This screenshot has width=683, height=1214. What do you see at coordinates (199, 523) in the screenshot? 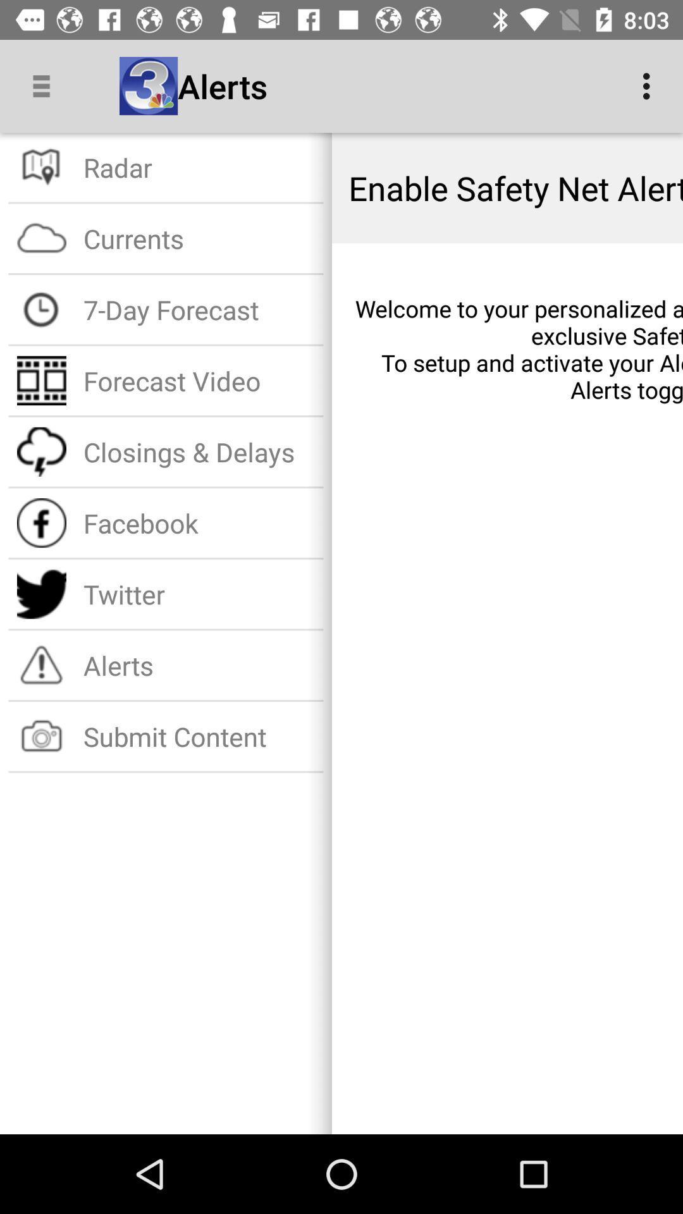
I see `facebook item` at bounding box center [199, 523].